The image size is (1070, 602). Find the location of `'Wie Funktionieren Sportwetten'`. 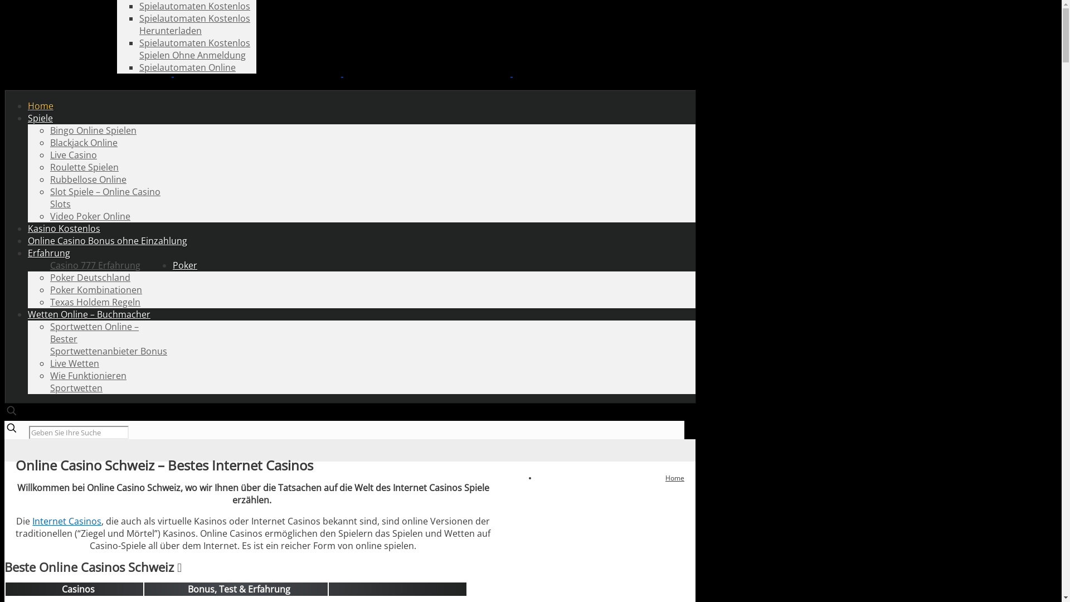

'Wie Funktionieren Sportwetten' is located at coordinates (87, 381).